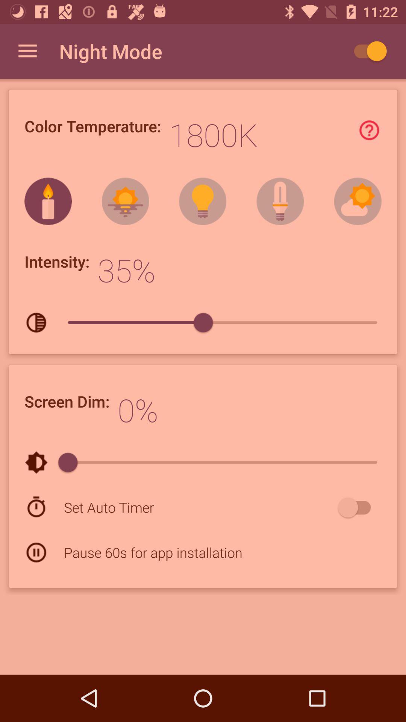 The image size is (406, 722). I want to click on night mode, so click(366, 51).